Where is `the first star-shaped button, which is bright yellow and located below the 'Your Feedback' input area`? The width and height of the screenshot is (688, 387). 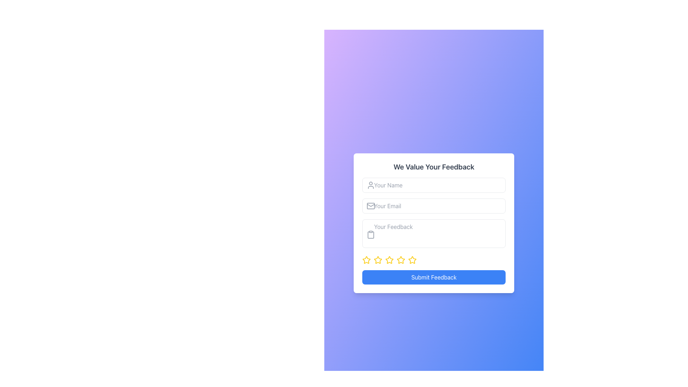
the first star-shaped button, which is bright yellow and located below the 'Your Feedback' input area is located at coordinates (366, 260).